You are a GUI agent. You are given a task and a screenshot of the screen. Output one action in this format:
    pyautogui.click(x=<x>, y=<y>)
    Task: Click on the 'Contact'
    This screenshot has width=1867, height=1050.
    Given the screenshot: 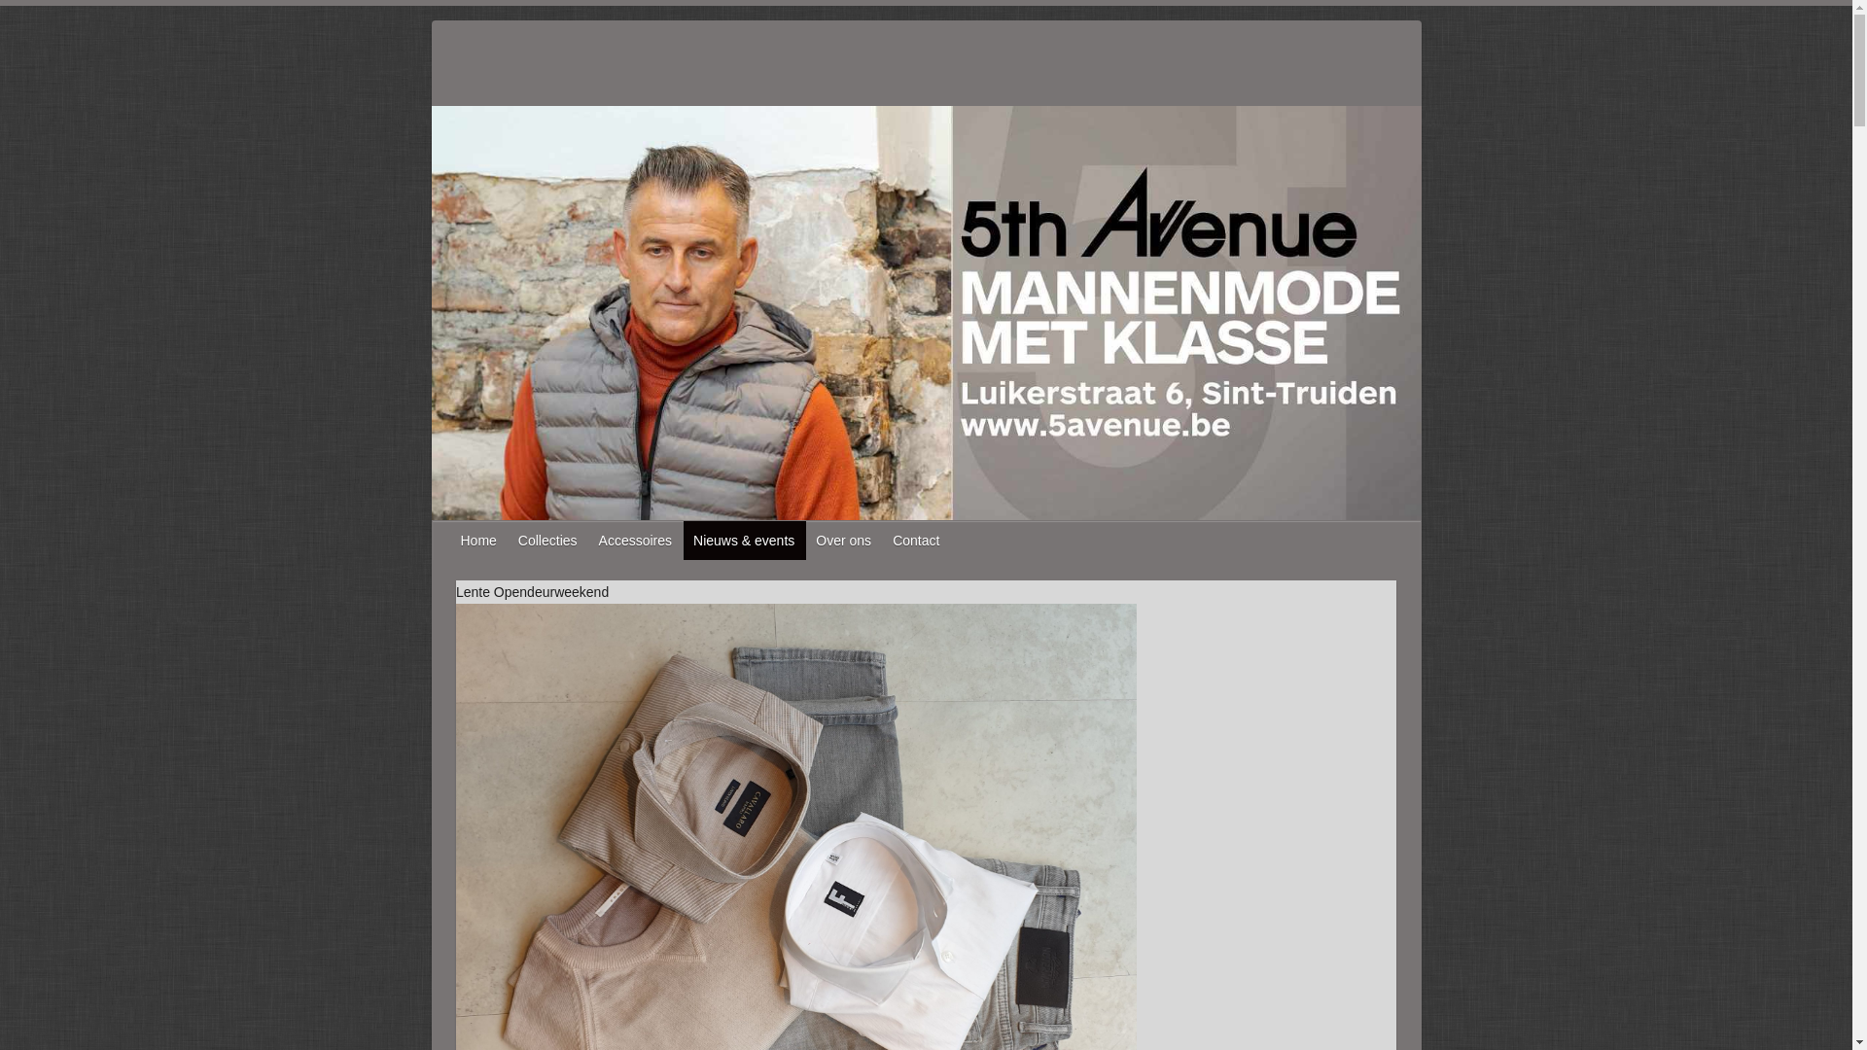 What is the action you would take?
    pyautogui.click(x=915, y=540)
    